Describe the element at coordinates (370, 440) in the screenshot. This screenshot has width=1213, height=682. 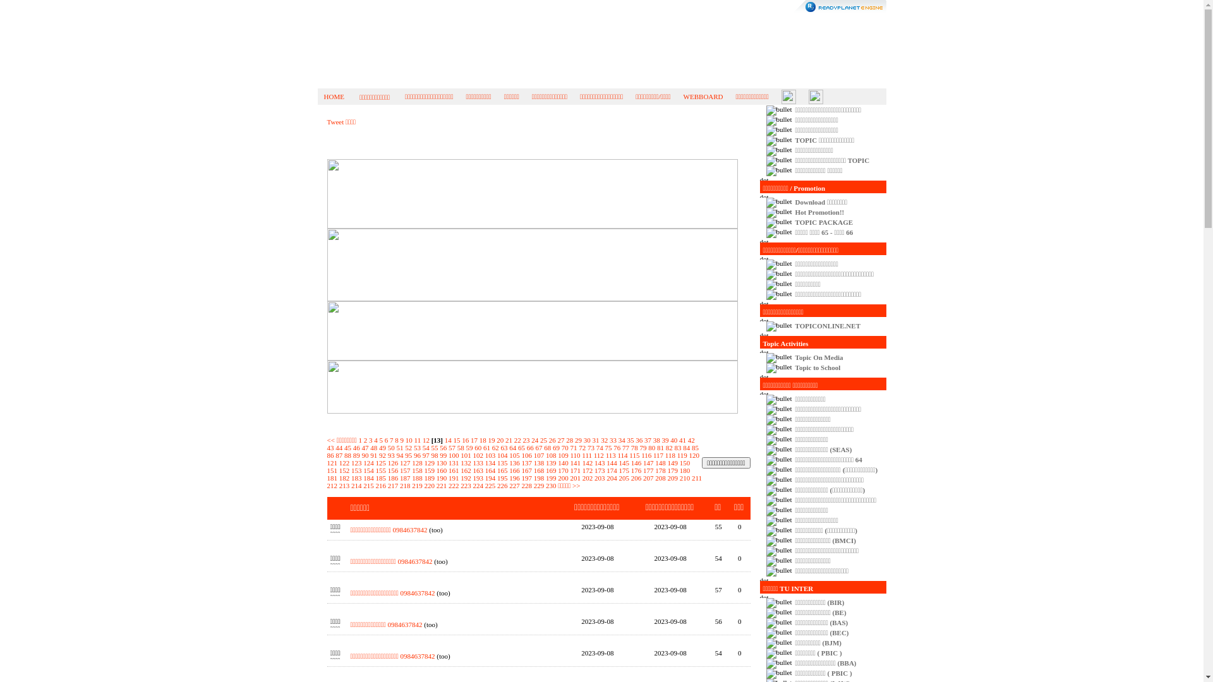
I see `'3'` at that location.